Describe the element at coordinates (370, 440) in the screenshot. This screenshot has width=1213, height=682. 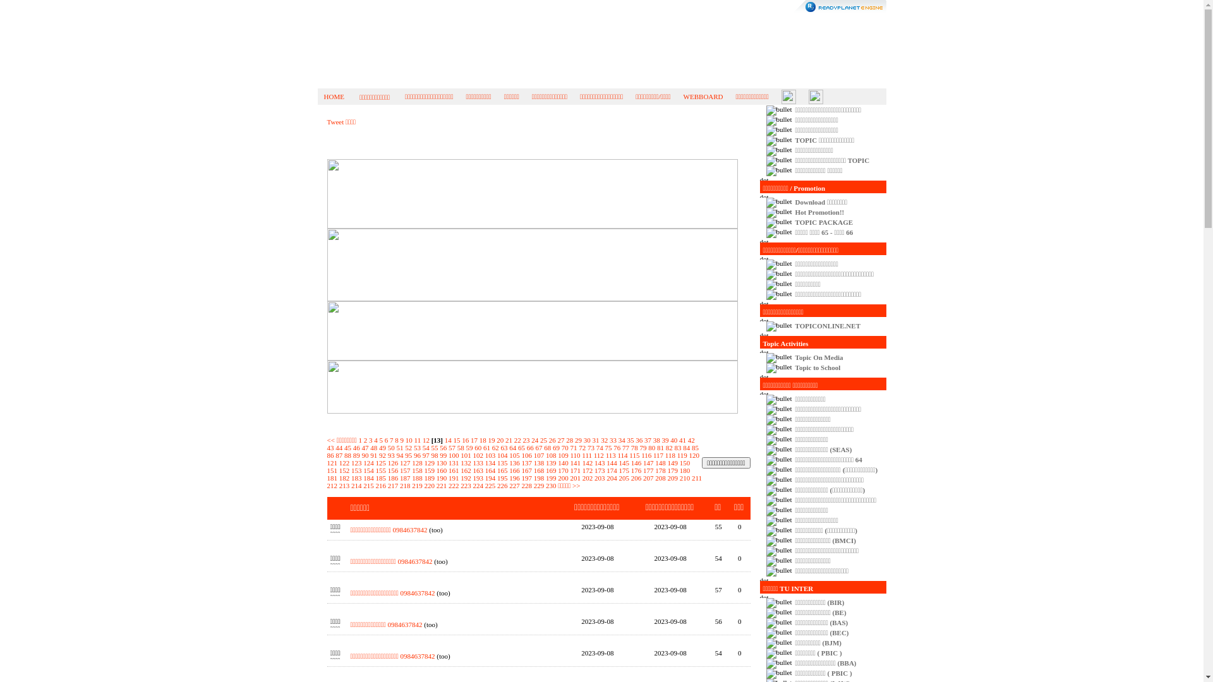
I see `'3'` at that location.